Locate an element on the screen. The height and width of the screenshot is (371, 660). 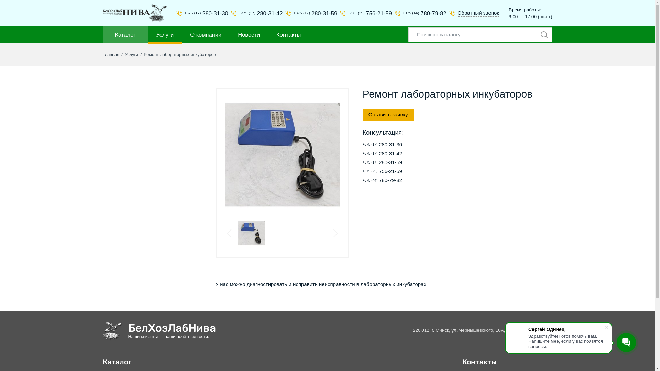
'+375 (17) is located at coordinates (176, 13).